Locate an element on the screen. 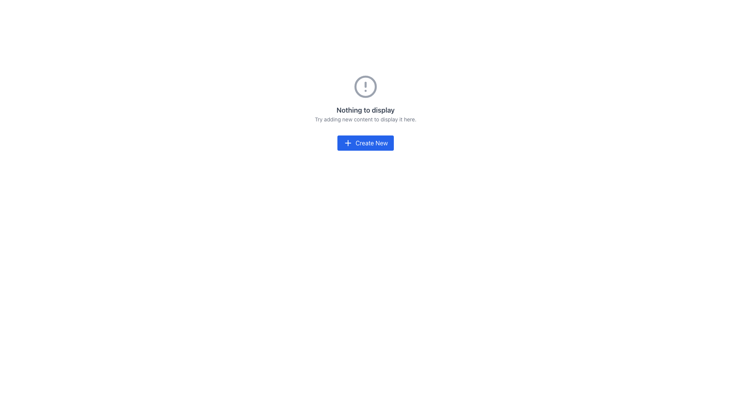 This screenshot has width=732, height=411. the notification icon indicating the absence of content, which is located above the text 'Nothing is located at coordinates (365, 86).